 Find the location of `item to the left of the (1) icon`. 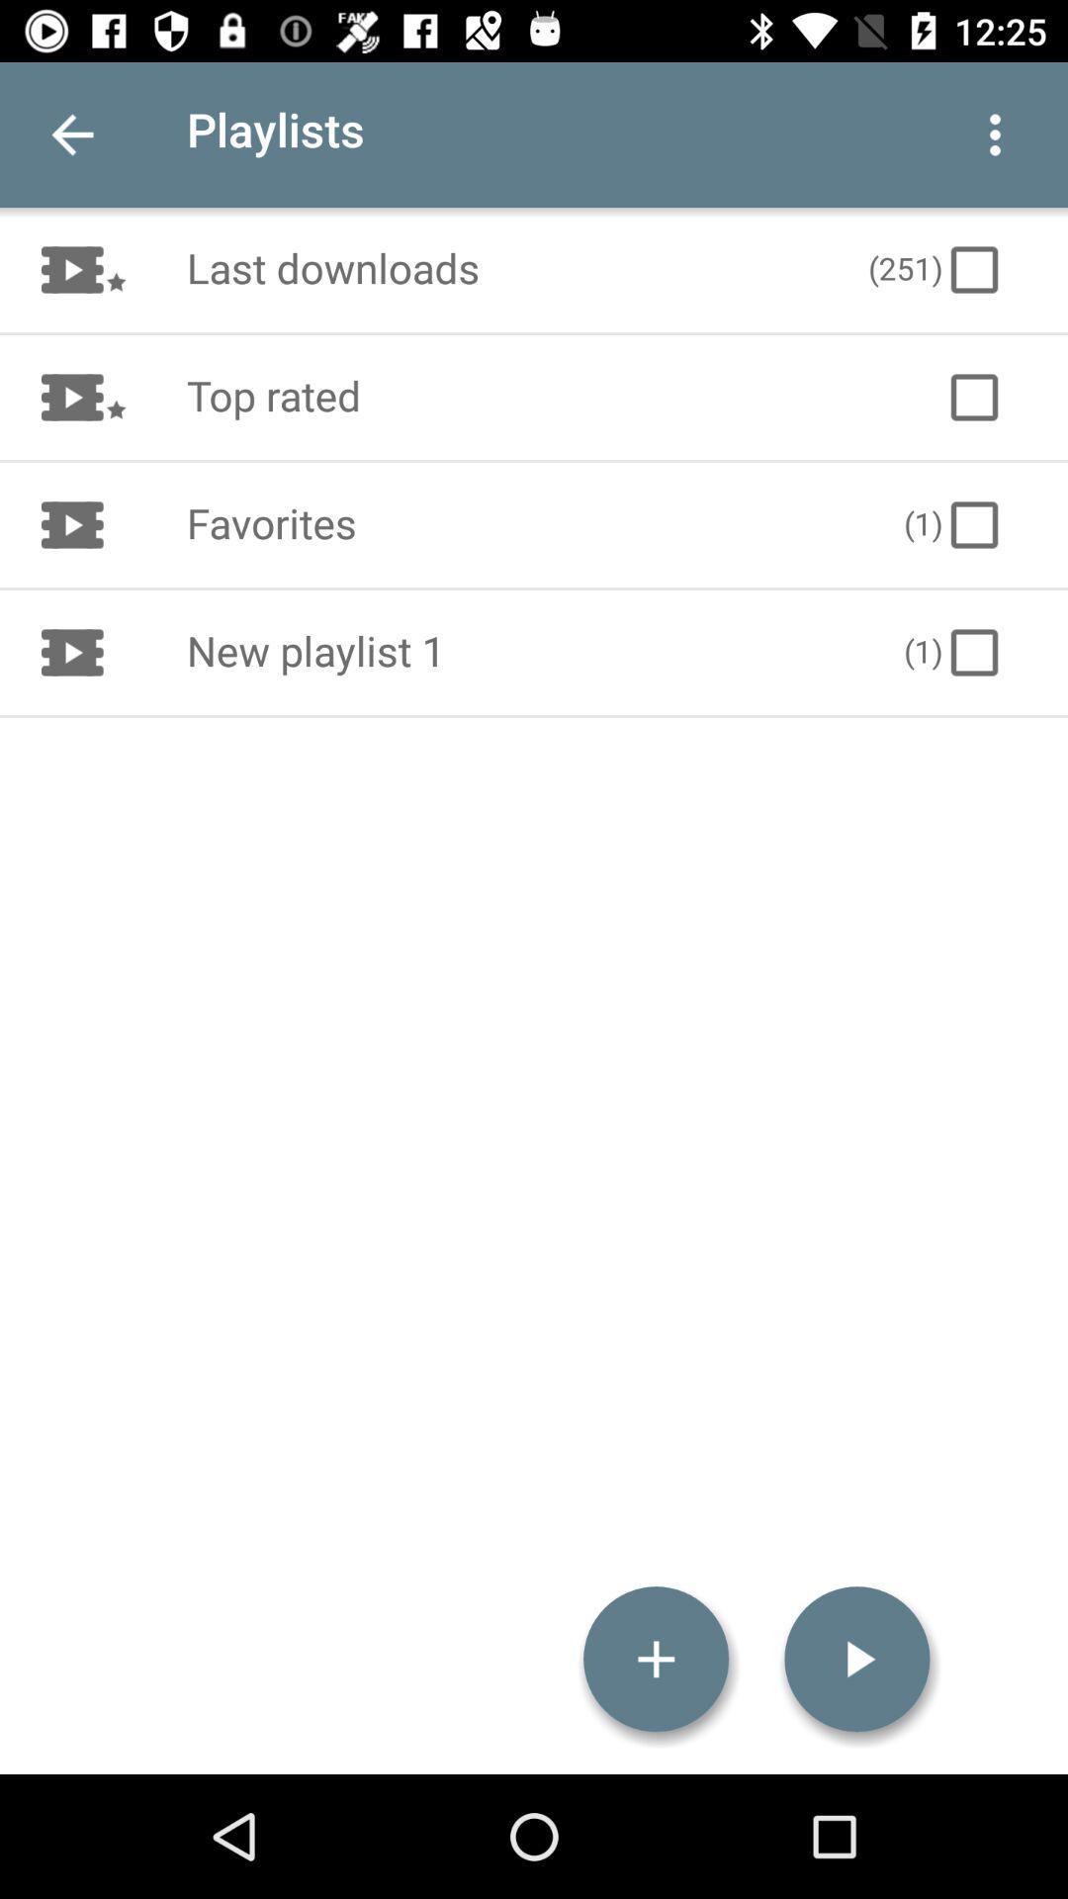

item to the left of the (1) icon is located at coordinates (523, 525).